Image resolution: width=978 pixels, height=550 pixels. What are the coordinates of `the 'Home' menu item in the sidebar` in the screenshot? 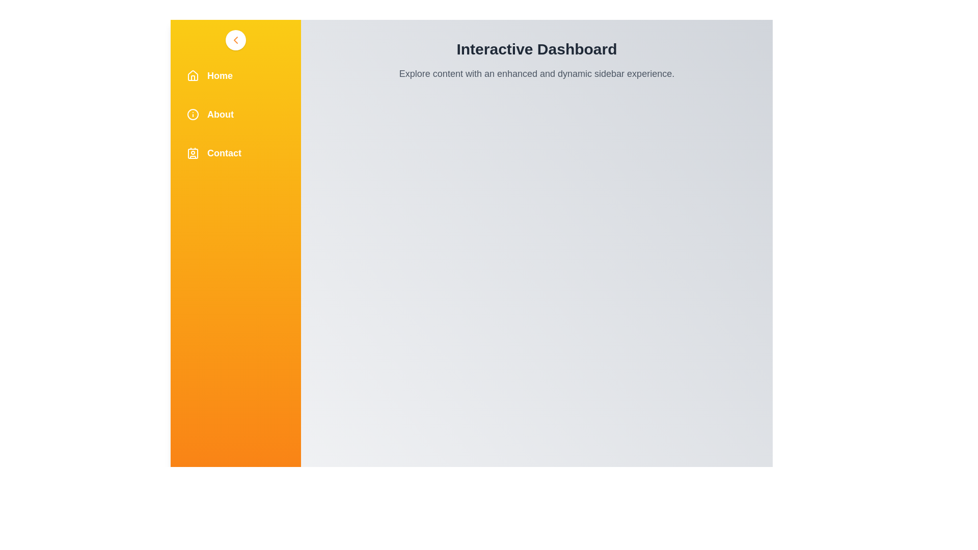 It's located at (235, 75).